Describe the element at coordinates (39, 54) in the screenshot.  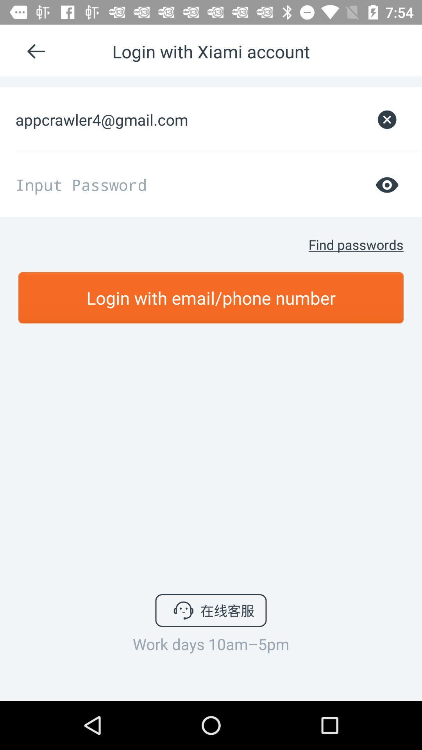
I see `the arrow_backward icon` at that location.